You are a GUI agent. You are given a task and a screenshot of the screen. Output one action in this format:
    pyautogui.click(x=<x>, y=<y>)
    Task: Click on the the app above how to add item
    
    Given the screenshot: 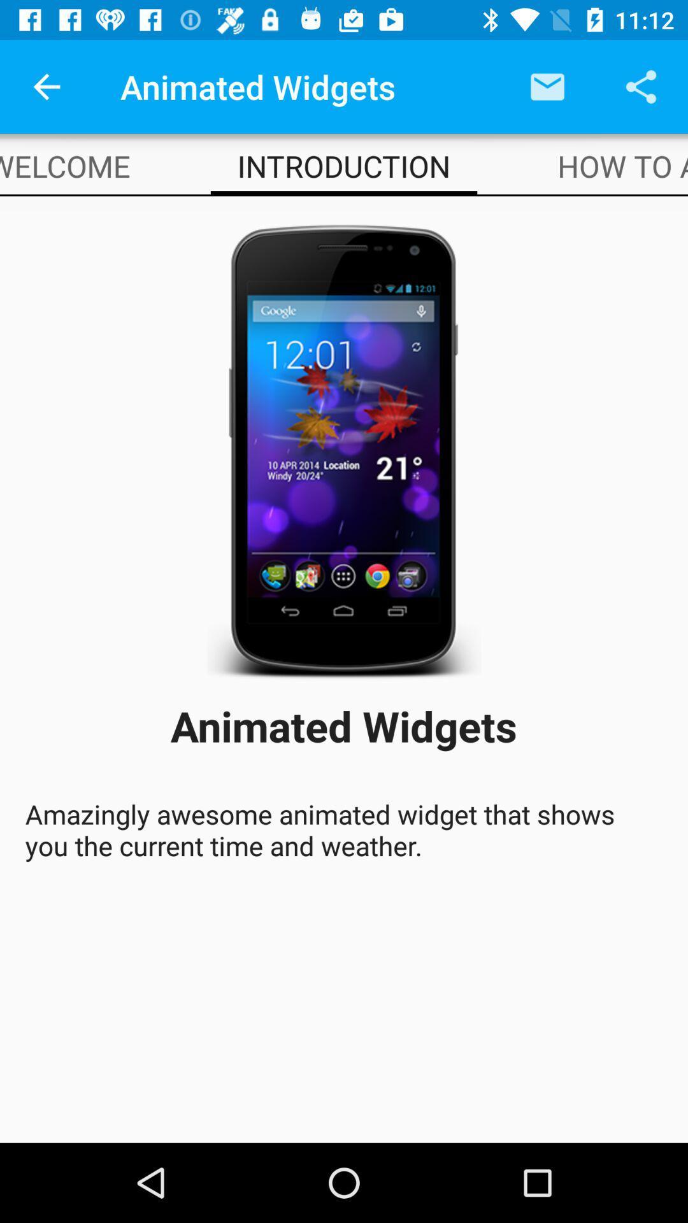 What is the action you would take?
    pyautogui.click(x=641, y=86)
    